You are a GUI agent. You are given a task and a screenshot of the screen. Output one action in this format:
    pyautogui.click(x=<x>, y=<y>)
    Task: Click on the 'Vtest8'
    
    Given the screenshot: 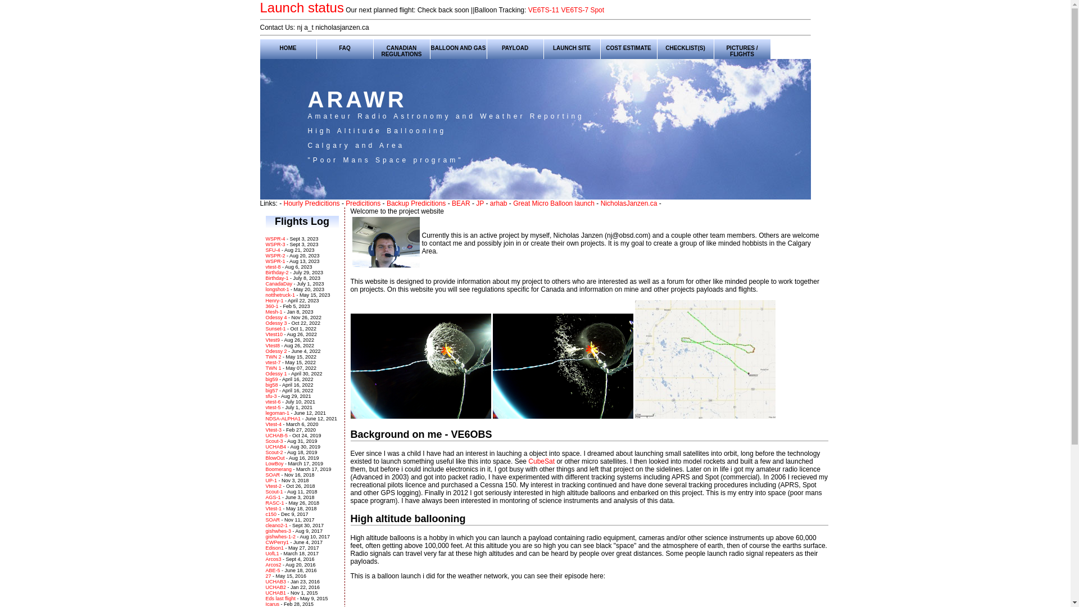 What is the action you would take?
    pyautogui.click(x=272, y=345)
    